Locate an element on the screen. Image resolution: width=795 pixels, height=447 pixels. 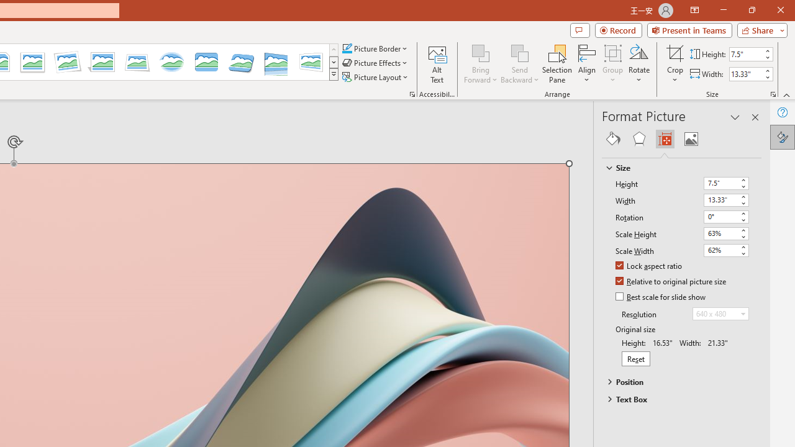
'Class: NetUIGalleryContainer' is located at coordinates (681, 138).